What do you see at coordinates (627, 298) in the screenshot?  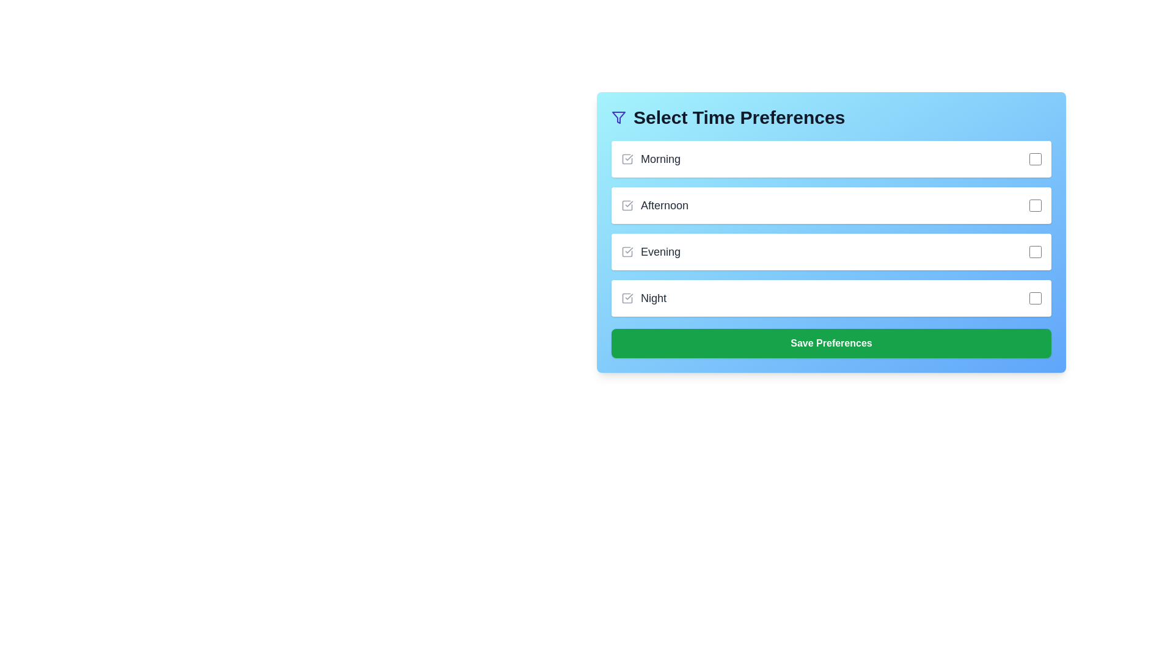 I see `the checkbox element located to the right of the 'Night' option in the 'Select Time Preferences' form` at bounding box center [627, 298].